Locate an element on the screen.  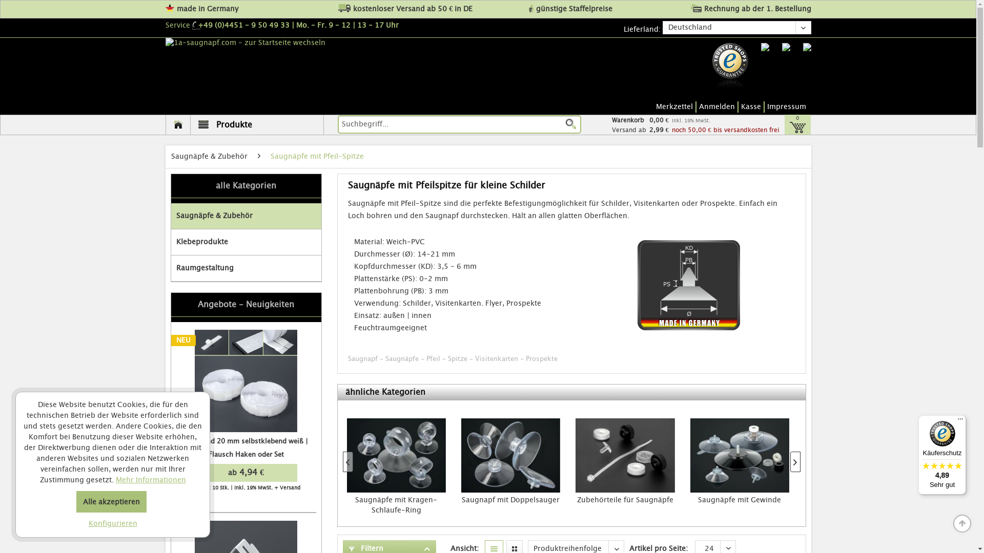
'Konfigurieren' is located at coordinates (112, 524).